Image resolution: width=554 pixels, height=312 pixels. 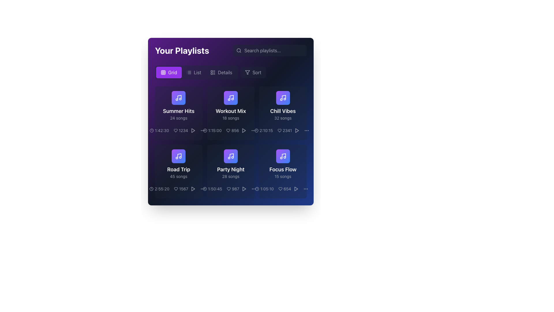 What do you see at coordinates (283, 176) in the screenshot?
I see `the text label displaying the number of songs in the 'Focus Flow' playlist, located in the bottom-right card of the playlist grid view` at bounding box center [283, 176].